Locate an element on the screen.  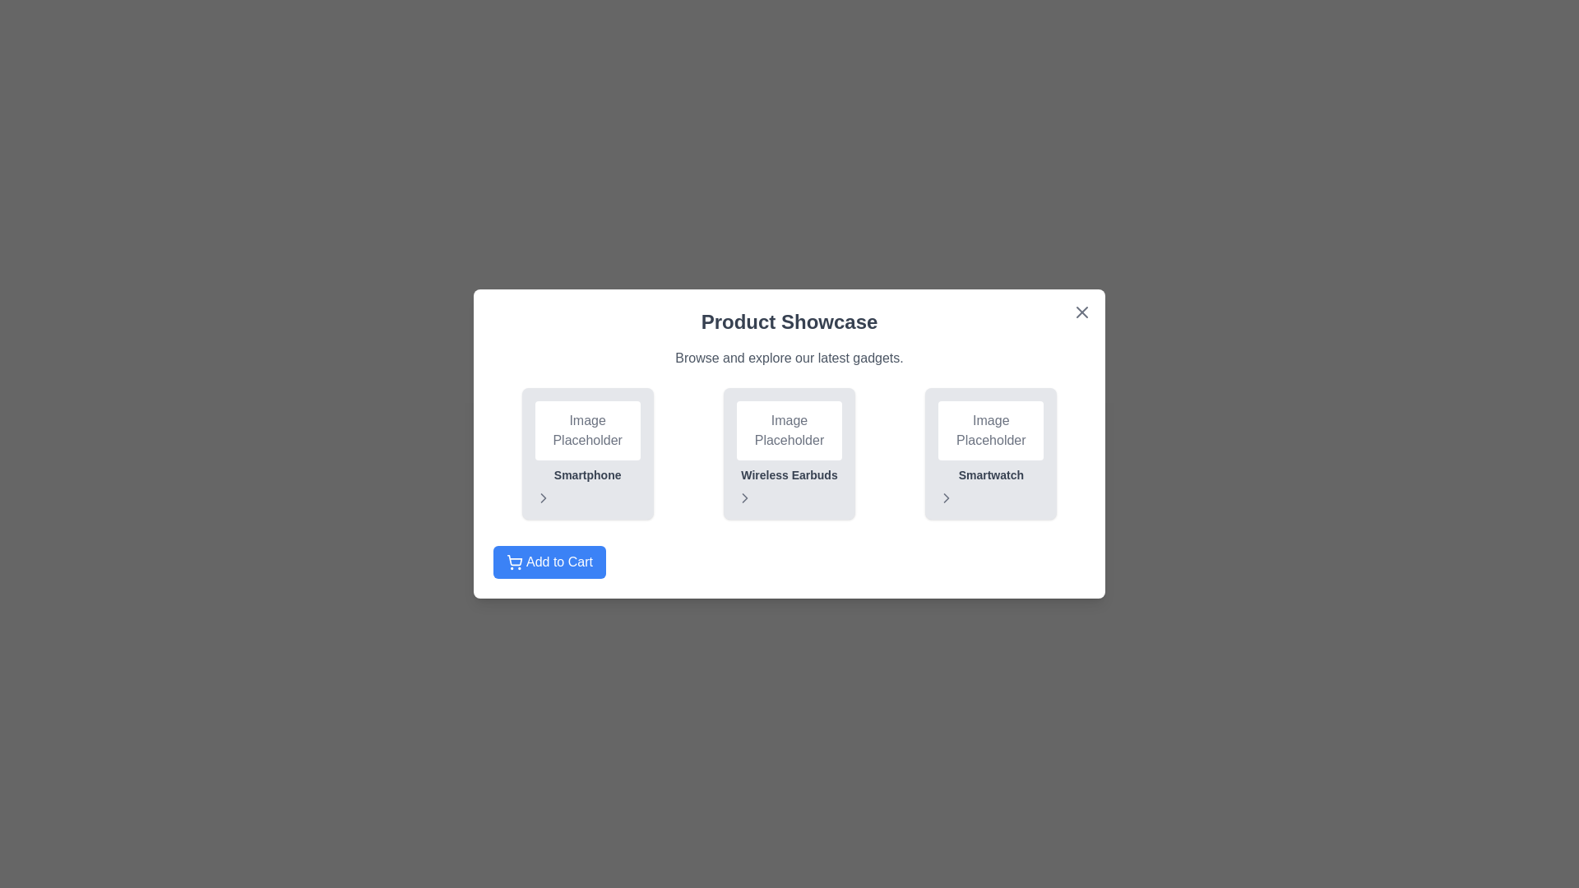
the right-facing gray arrow icon within the 'Wireless Earbuds' card is located at coordinates (789, 497).